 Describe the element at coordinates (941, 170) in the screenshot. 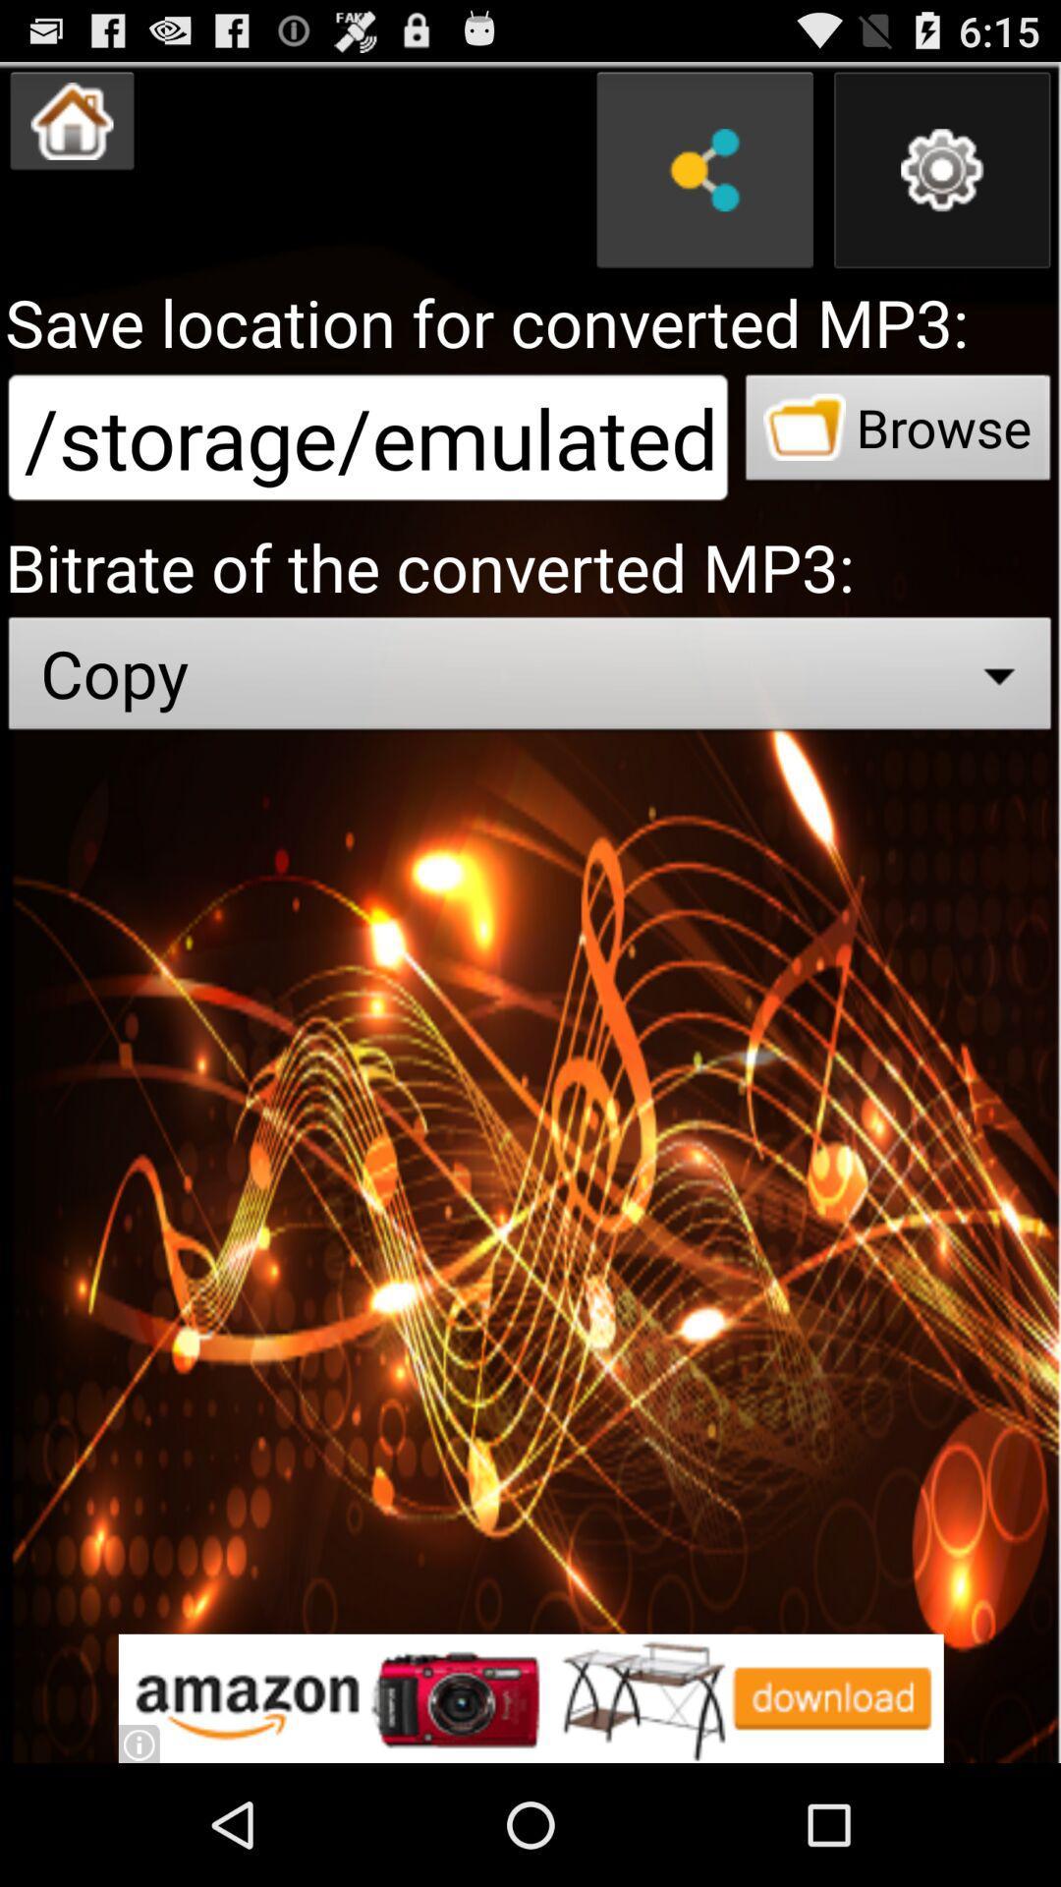

I see `the setting option` at that location.